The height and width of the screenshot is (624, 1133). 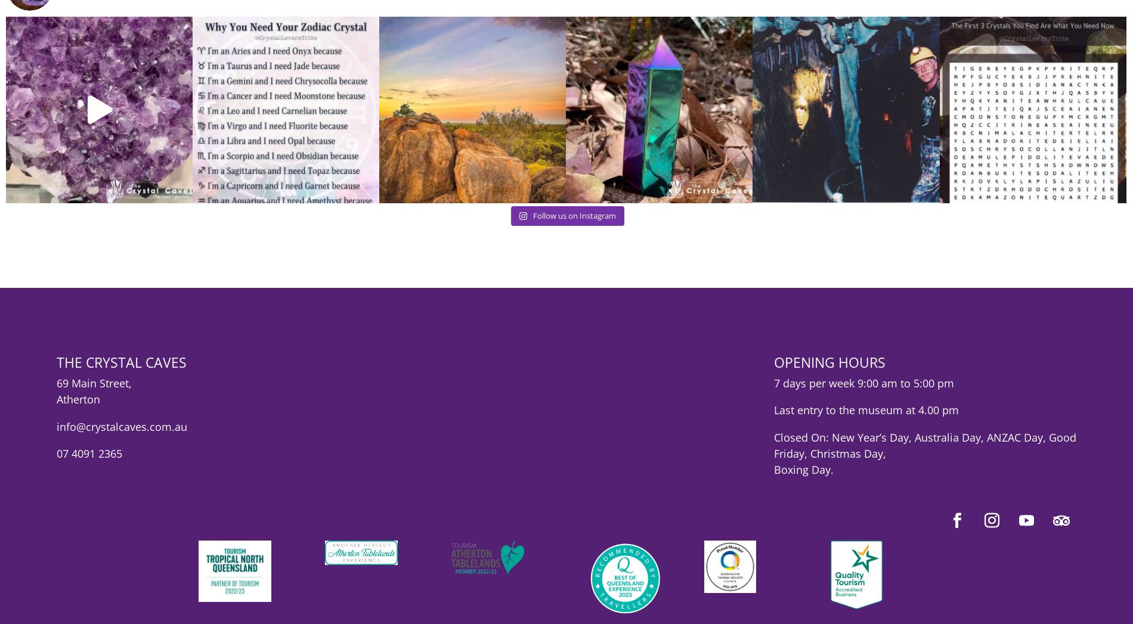 I want to click on '69 Main Street,', so click(x=94, y=392).